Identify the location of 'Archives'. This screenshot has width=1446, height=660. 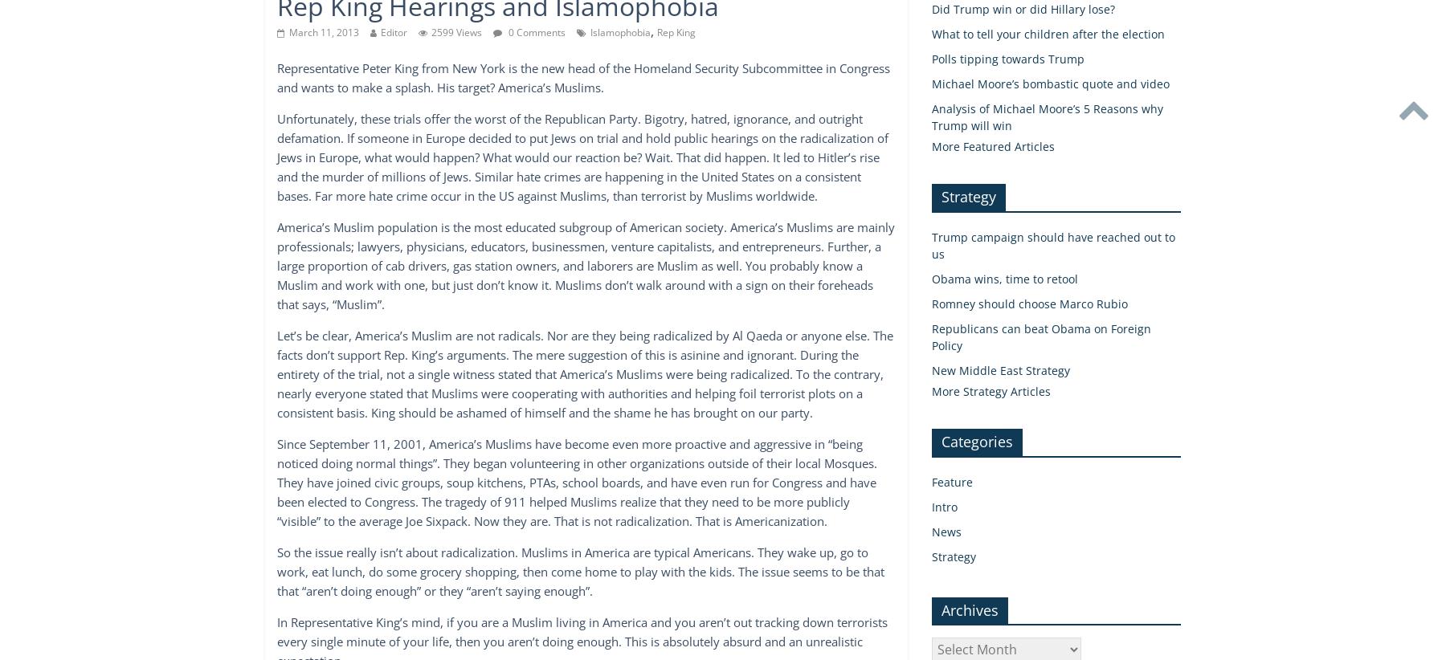
(969, 609).